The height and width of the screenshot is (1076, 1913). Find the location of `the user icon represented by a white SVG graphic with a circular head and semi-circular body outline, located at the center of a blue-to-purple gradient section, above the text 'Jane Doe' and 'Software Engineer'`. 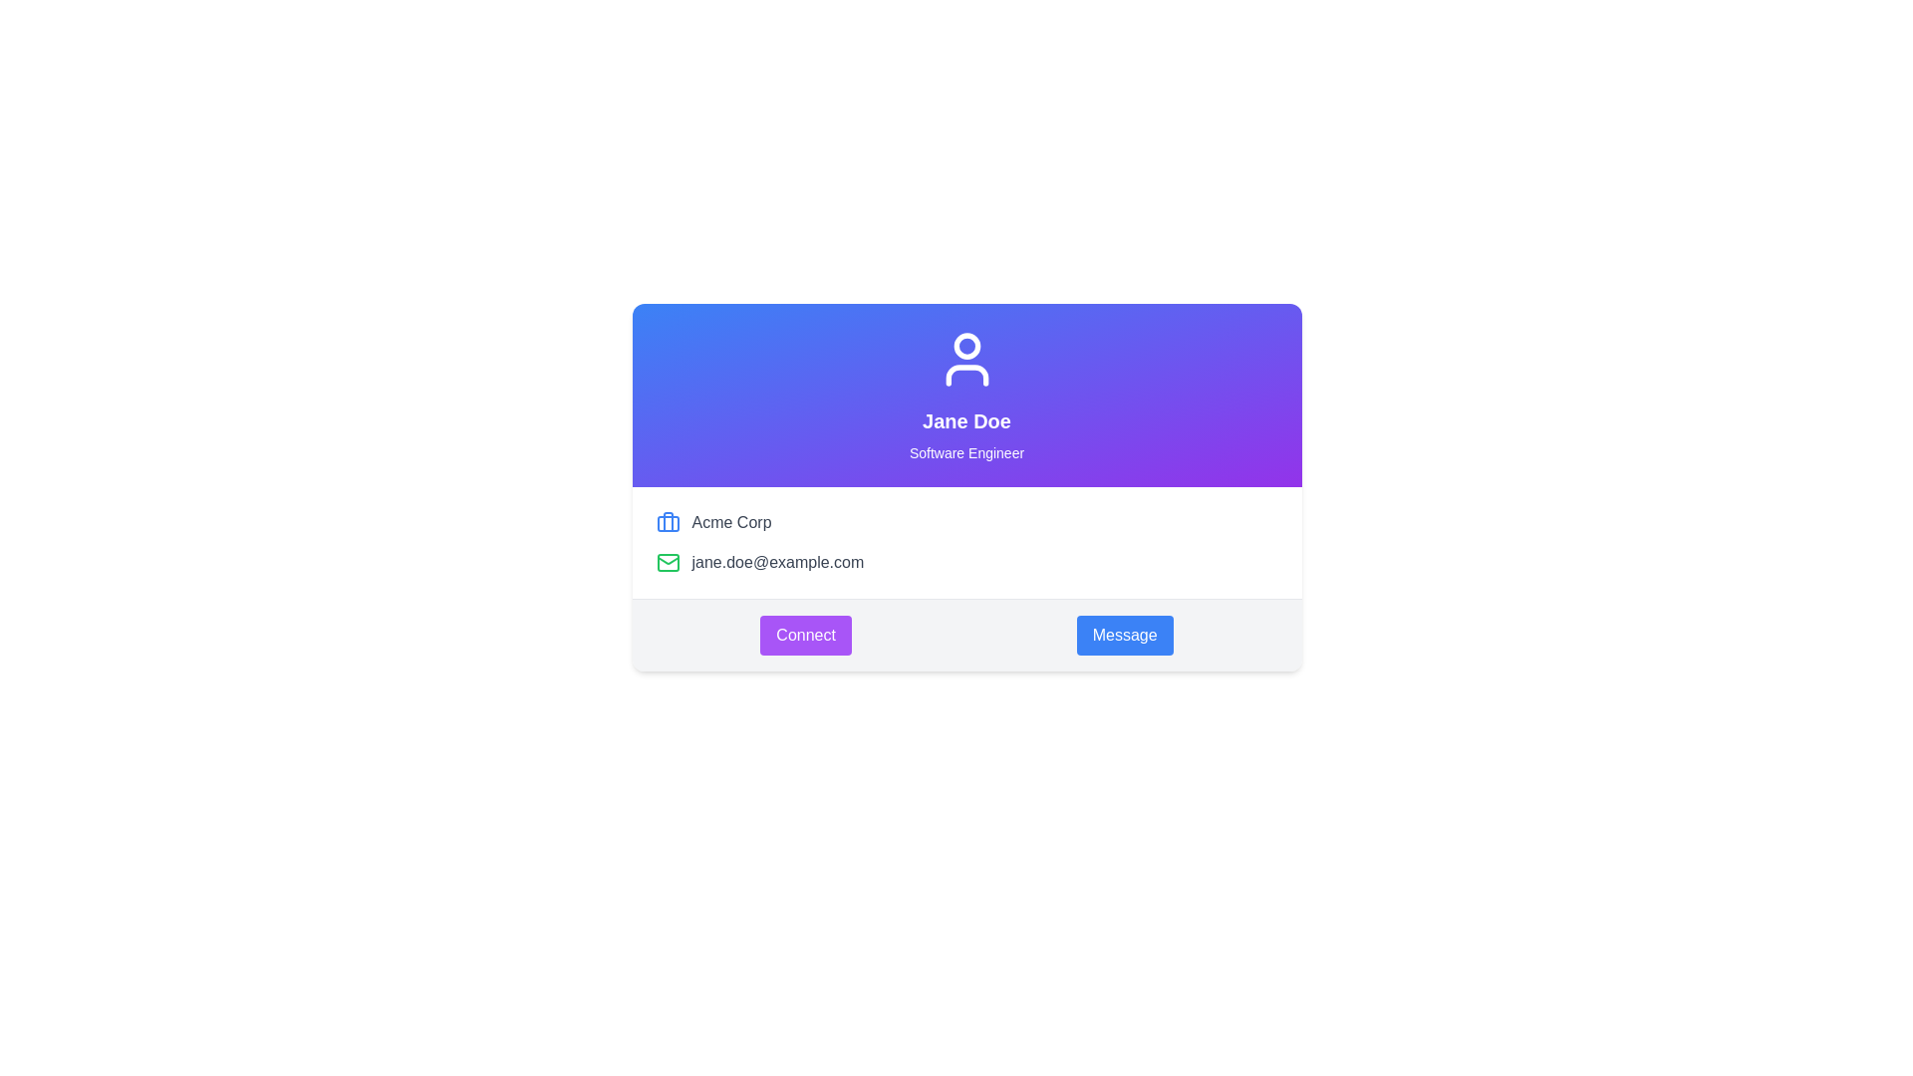

the user icon represented by a white SVG graphic with a circular head and semi-circular body outline, located at the center of a blue-to-purple gradient section, above the text 'Jane Doe' and 'Software Engineer' is located at coordinates (966, 360).